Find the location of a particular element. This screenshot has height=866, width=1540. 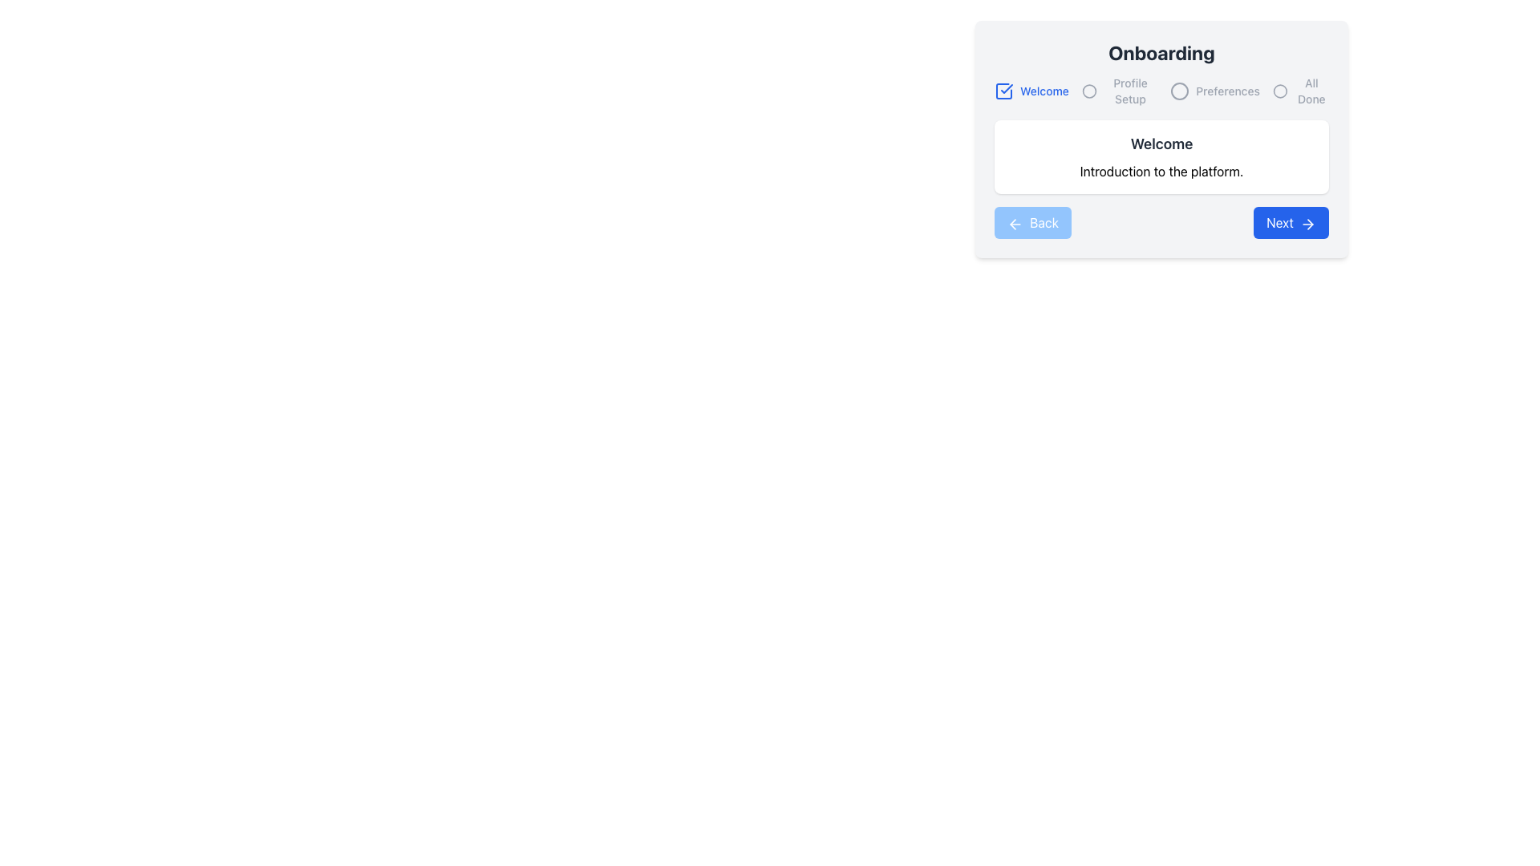

the fourth Circular SVG graphic labeled 'All Done' in the progress indicator row of the 'Onboarding' section is located at coordinates (1279, 91).